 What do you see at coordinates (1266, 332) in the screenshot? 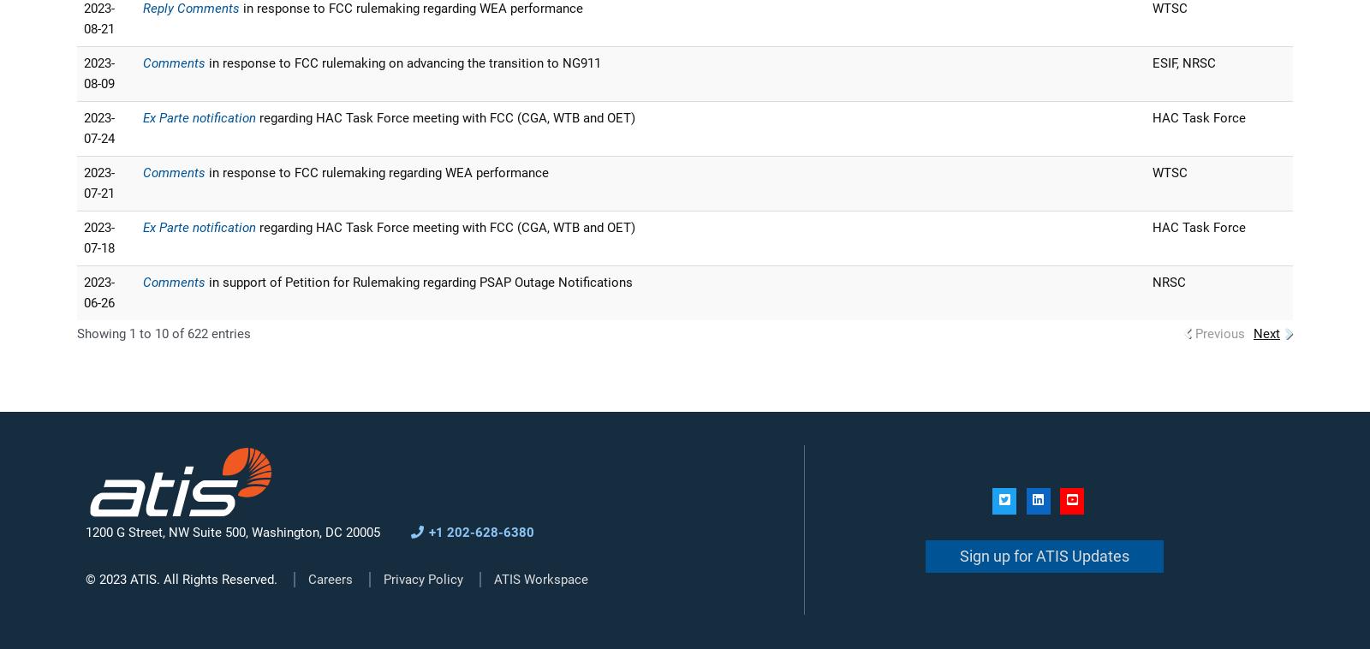
I see `'Next'` at bounding box center [1266, 332].